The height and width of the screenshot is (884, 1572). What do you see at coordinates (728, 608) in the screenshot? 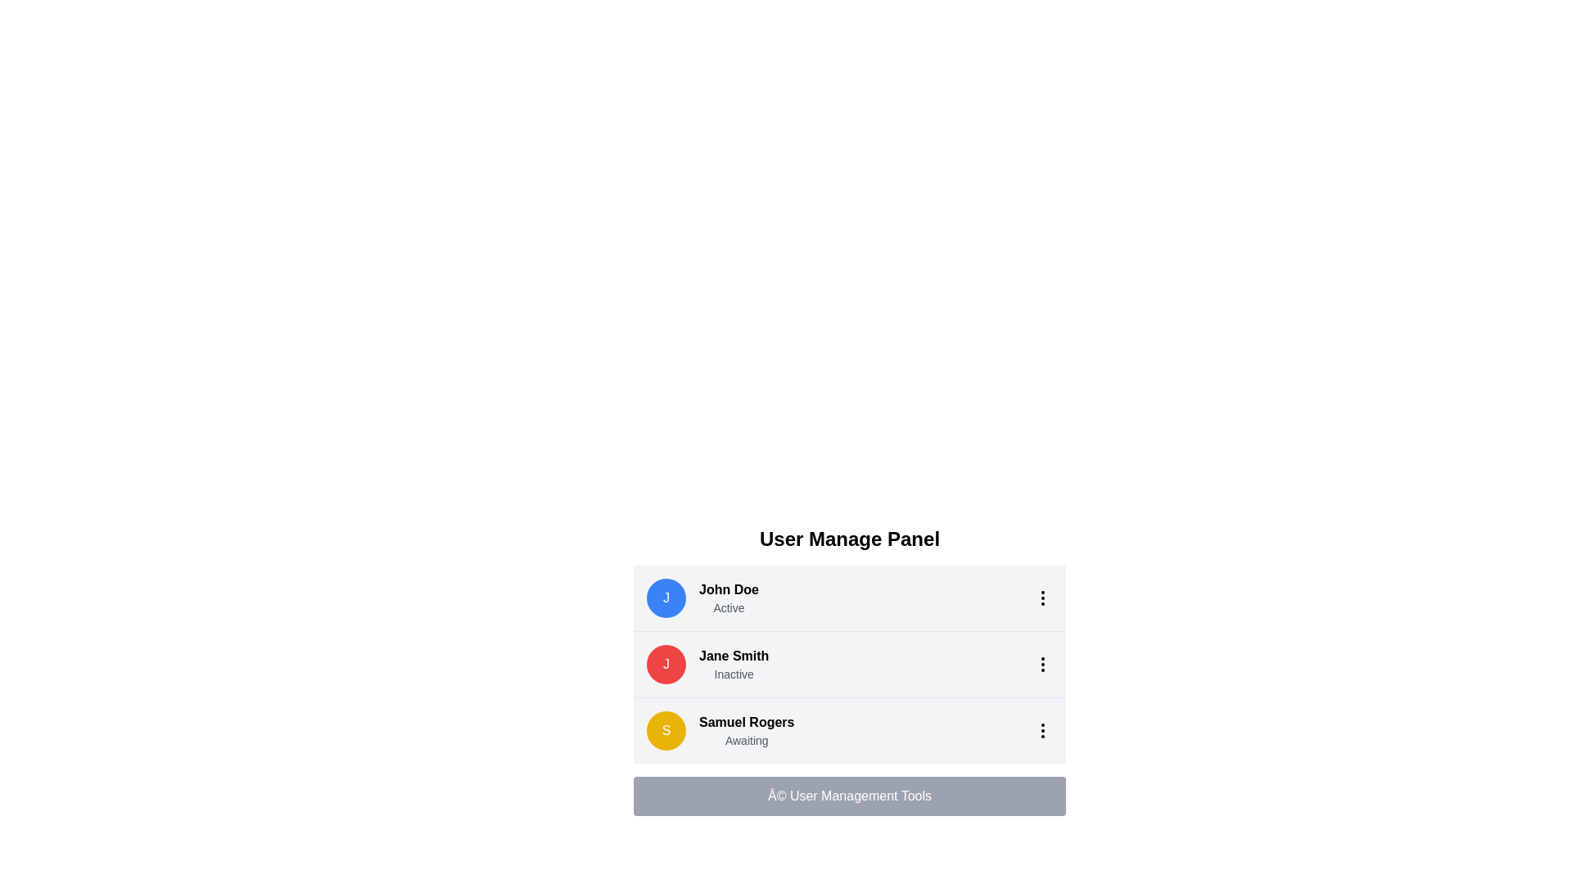
I see `the 'Active' status text label for user 'John Doe' in the User Manage Panel, located in the second row beneath the name text` at bounding box center [728, 608].